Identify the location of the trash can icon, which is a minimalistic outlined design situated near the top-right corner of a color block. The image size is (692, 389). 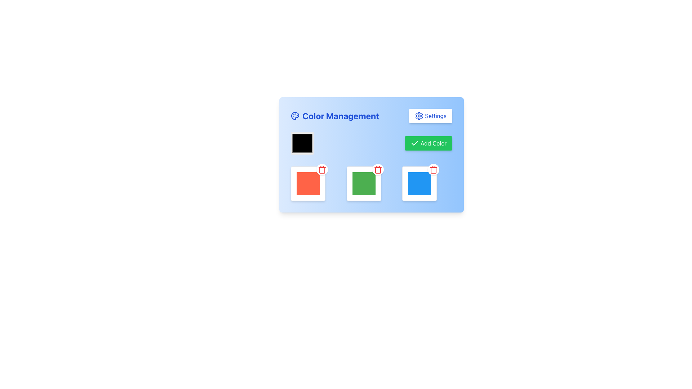
(433, 170).